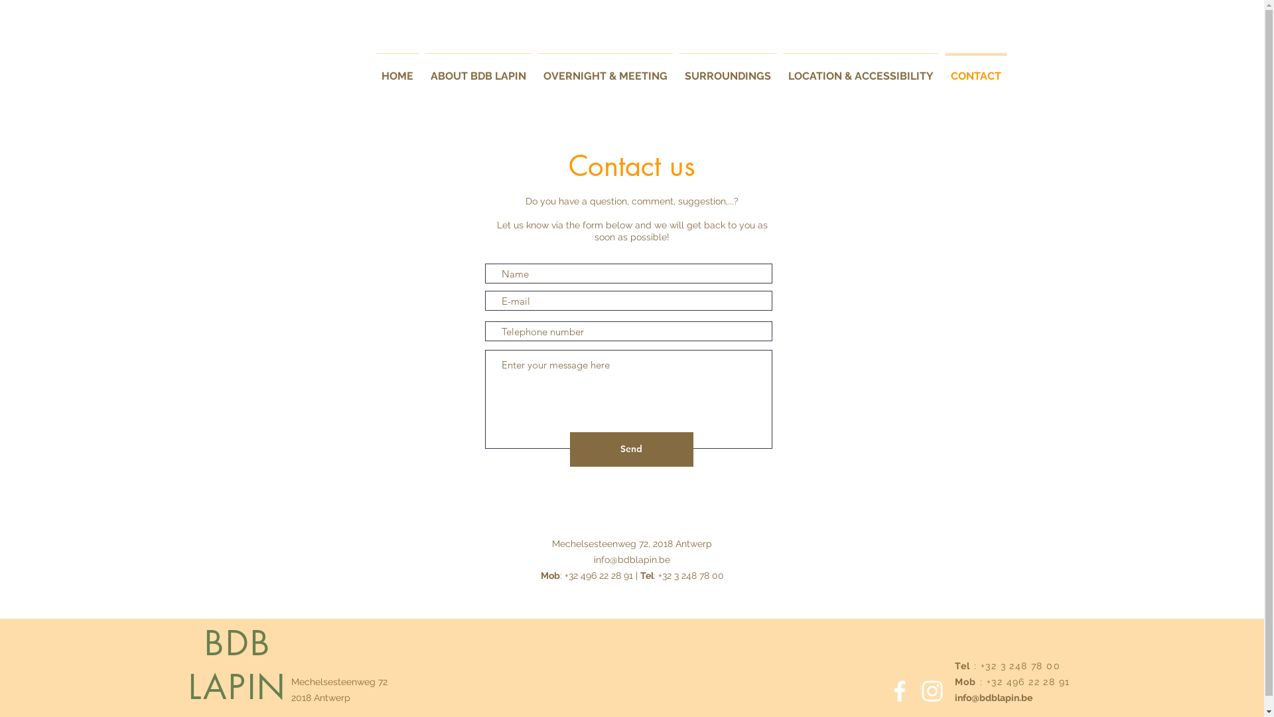 The width and height of the screenshot is (1274, 717). What do you see at coordinates (238, 665) in the screenshot?
I see `'BDB LAPIN'` at bounding box center [238, 665].